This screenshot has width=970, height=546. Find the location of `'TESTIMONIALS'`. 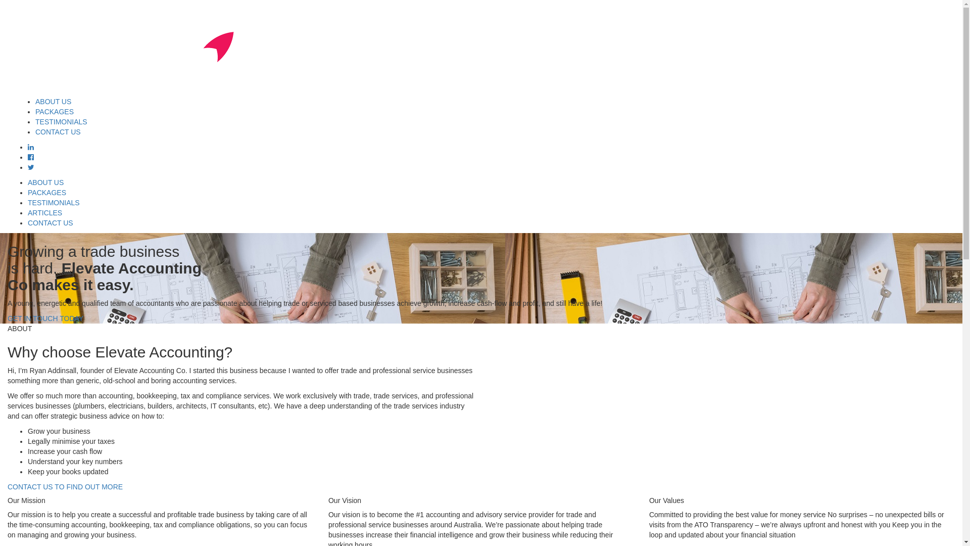

'TESTIMONIALS' is located at coordinates (61, 121).